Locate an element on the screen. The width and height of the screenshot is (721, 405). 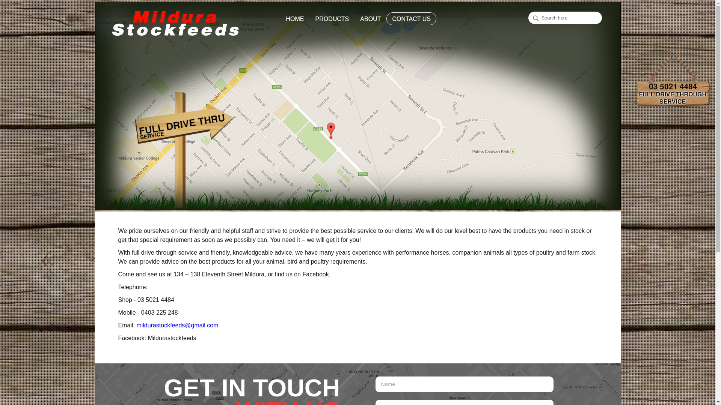
'ABOUT' is located at coordinates (360, 18).